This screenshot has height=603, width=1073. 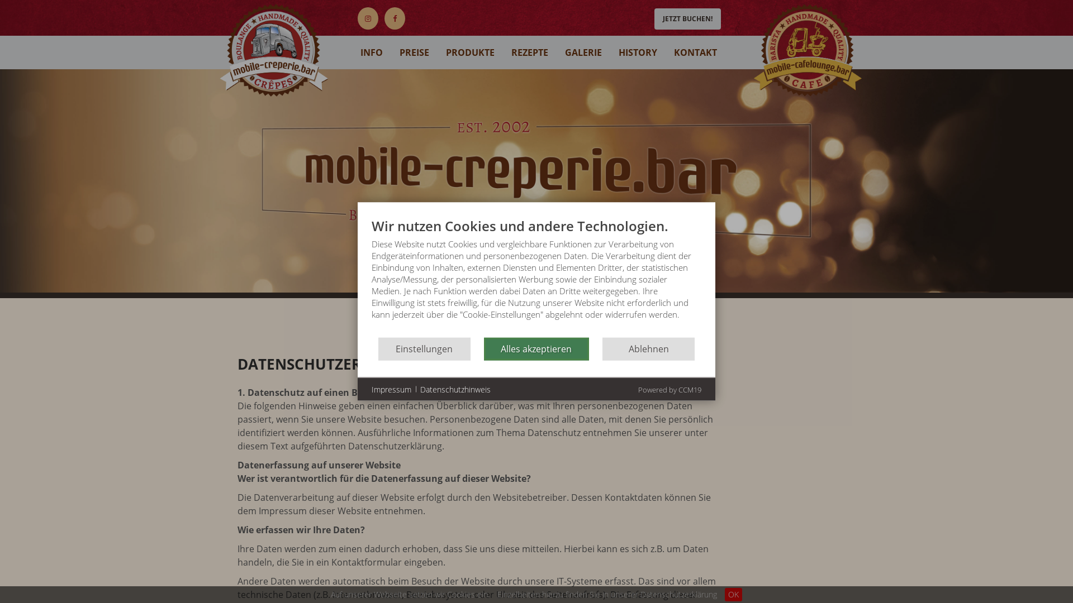 I want to click on 'KONTAKT', so click(x=665, y=52).